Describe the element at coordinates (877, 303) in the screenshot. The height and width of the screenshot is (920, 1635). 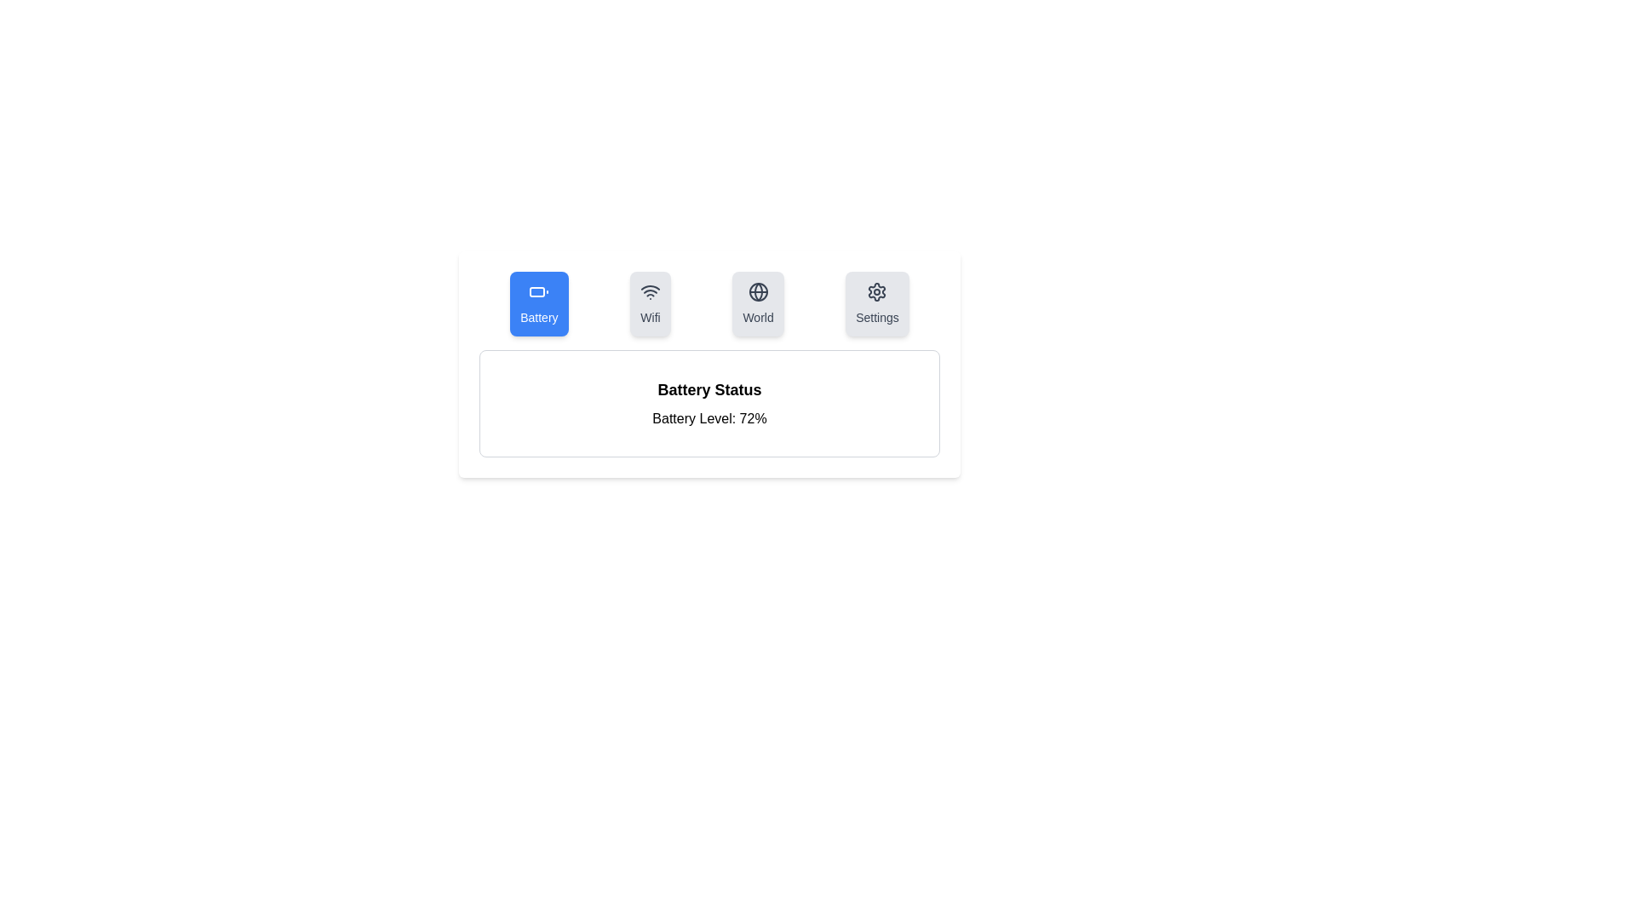
I see `the tab labeled Settings by clicking on its icon` at that location.